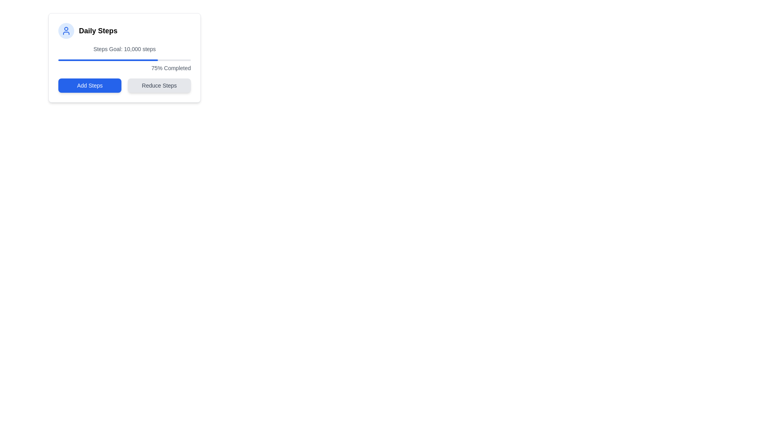 Image resolution: width=762 pixels, height=428 pixels. Describe the element at coordinates (124, 49) in the screenshot. I see `the text label that states 'Steps Goal: 10,000 steps', which is styled in small gray font and positioned below the 'Daily Steps' heading` at that location.